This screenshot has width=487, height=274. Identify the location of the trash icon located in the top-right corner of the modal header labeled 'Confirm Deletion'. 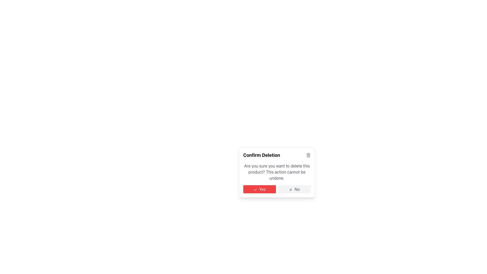
(308, 155).